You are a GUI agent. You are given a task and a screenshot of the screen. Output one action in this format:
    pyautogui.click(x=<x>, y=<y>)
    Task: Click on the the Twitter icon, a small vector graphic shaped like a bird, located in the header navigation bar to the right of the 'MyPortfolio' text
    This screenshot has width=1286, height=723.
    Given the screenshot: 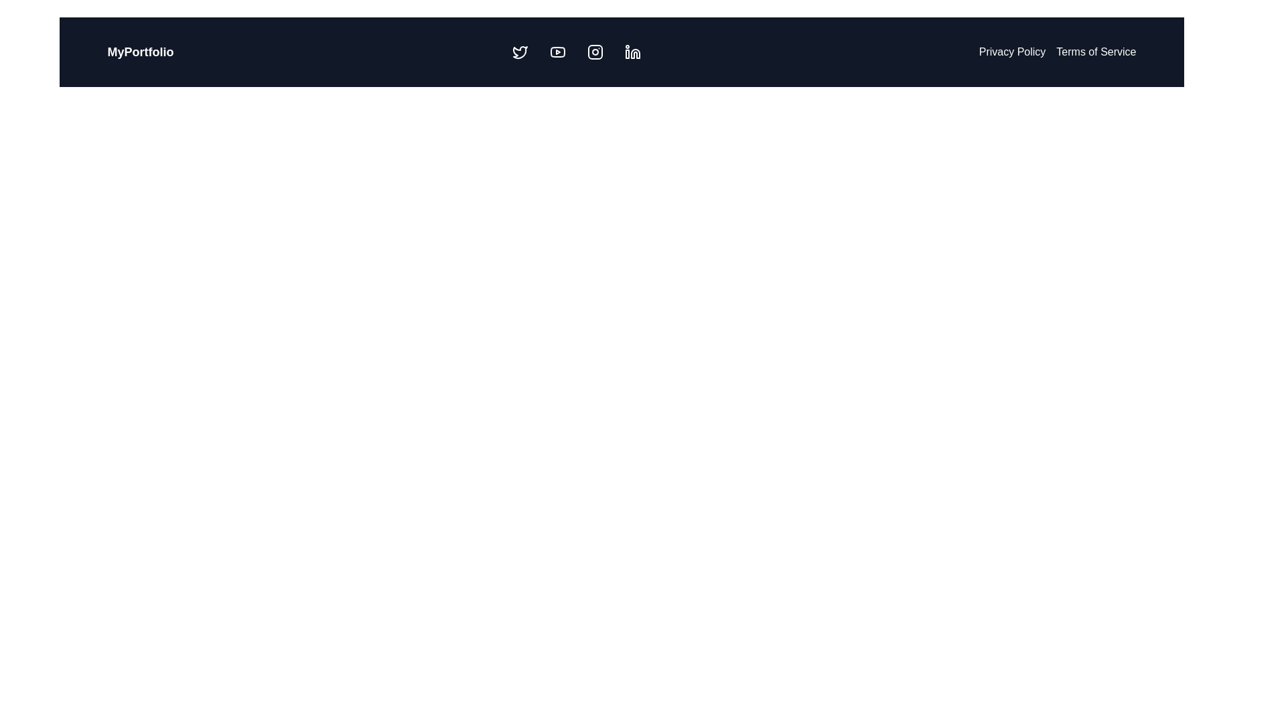 What is the action you would take?
    pyautogui.click(x=519, y=52)
    